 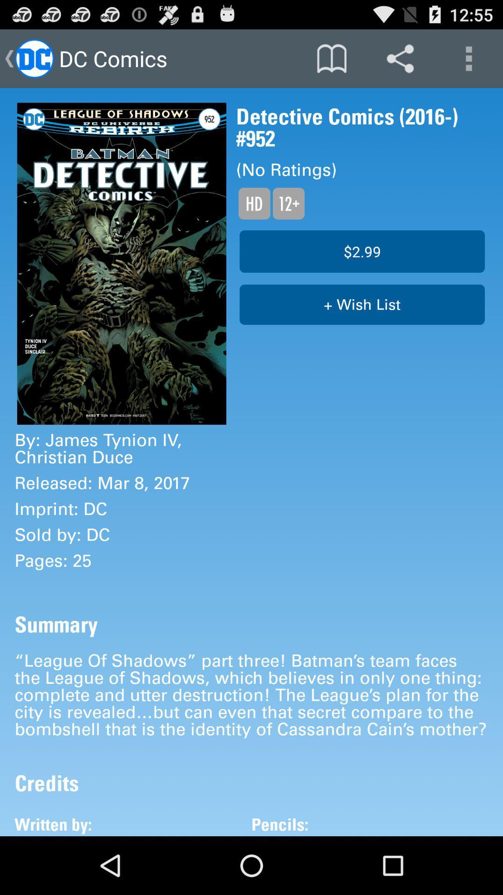 I want to click on read the text below no ratings, so click(x=270, y=203).